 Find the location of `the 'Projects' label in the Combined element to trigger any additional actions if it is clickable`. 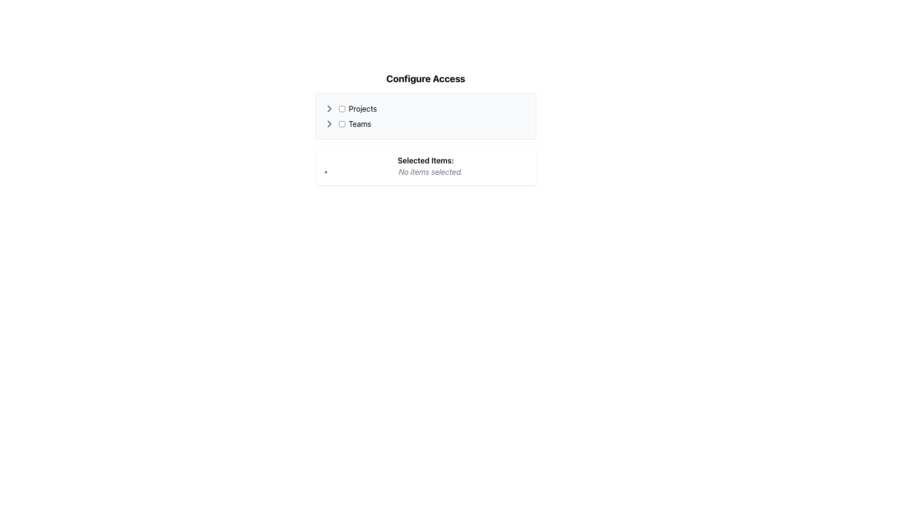

the 'Projects' label in the Combined element to trigger any additional actions if it is clickable is located at coordinates (357, 108).